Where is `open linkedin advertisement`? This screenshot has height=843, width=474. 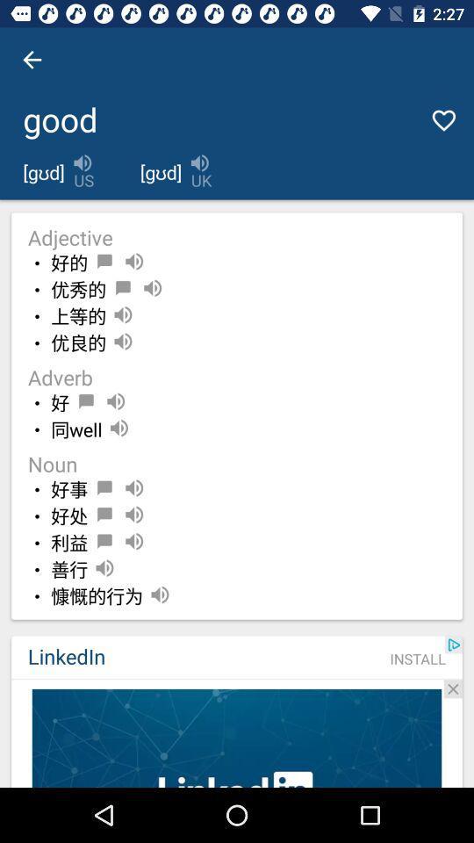 open linkedin advertisement is located at coordinates (237, 738).